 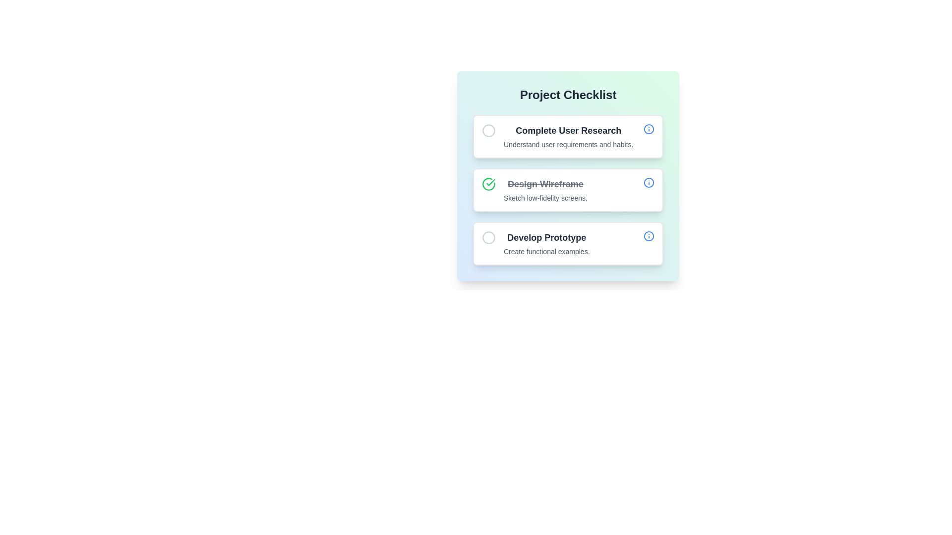 I want to click on the task card displaying the completed status of 'Design Wireframe' in the project checklist, so click(x=568, y=175).